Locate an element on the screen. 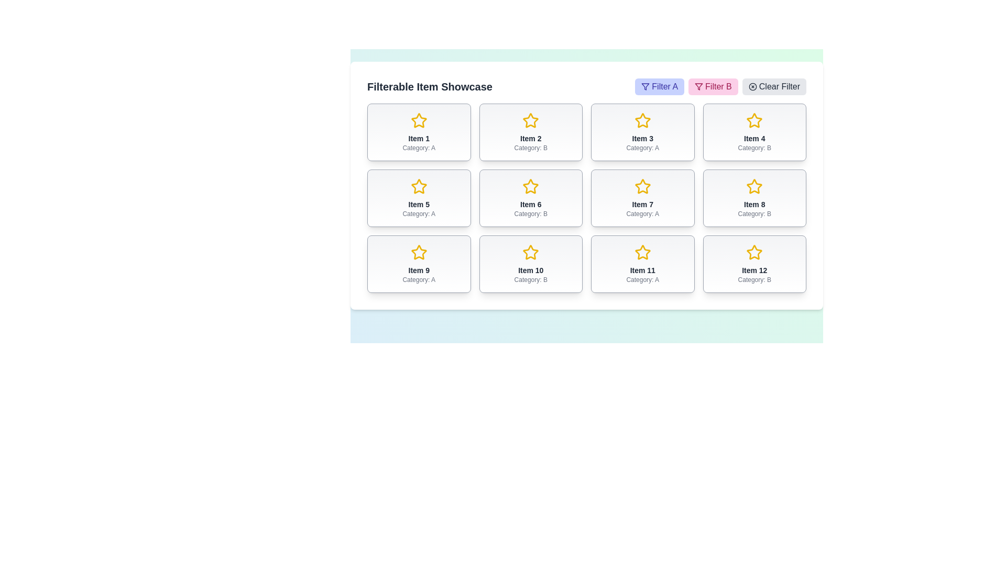  the icon inside the 'Filter B' button located in the top-right section of the interface, which visually indicates the button's purpose related to filtering items is located at coordinates (699, 86).